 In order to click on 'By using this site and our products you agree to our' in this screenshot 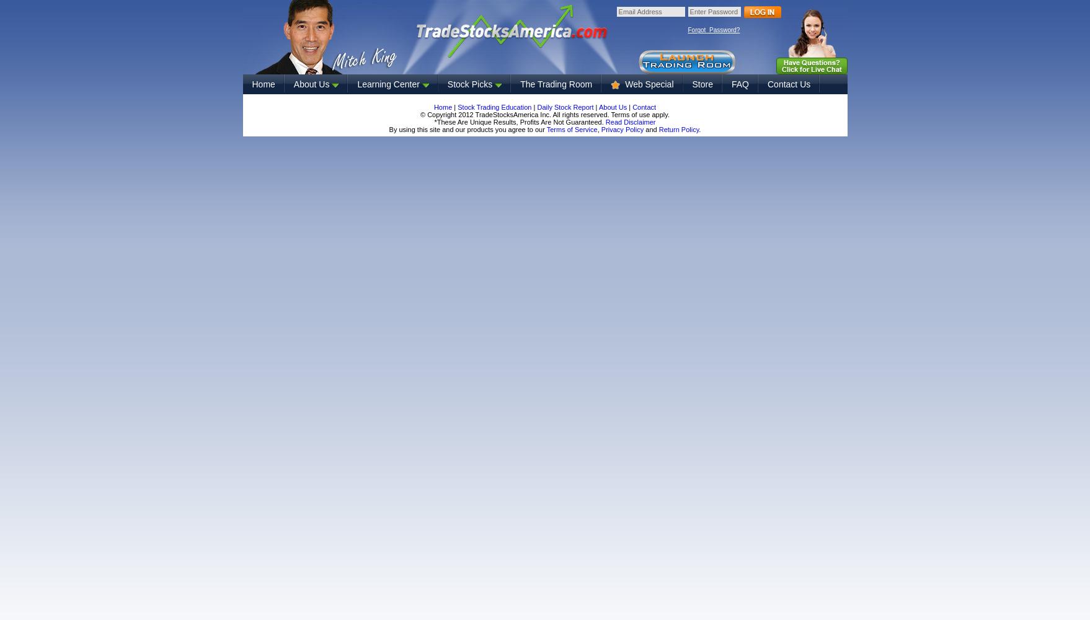, I will do `click(467, 129)`.